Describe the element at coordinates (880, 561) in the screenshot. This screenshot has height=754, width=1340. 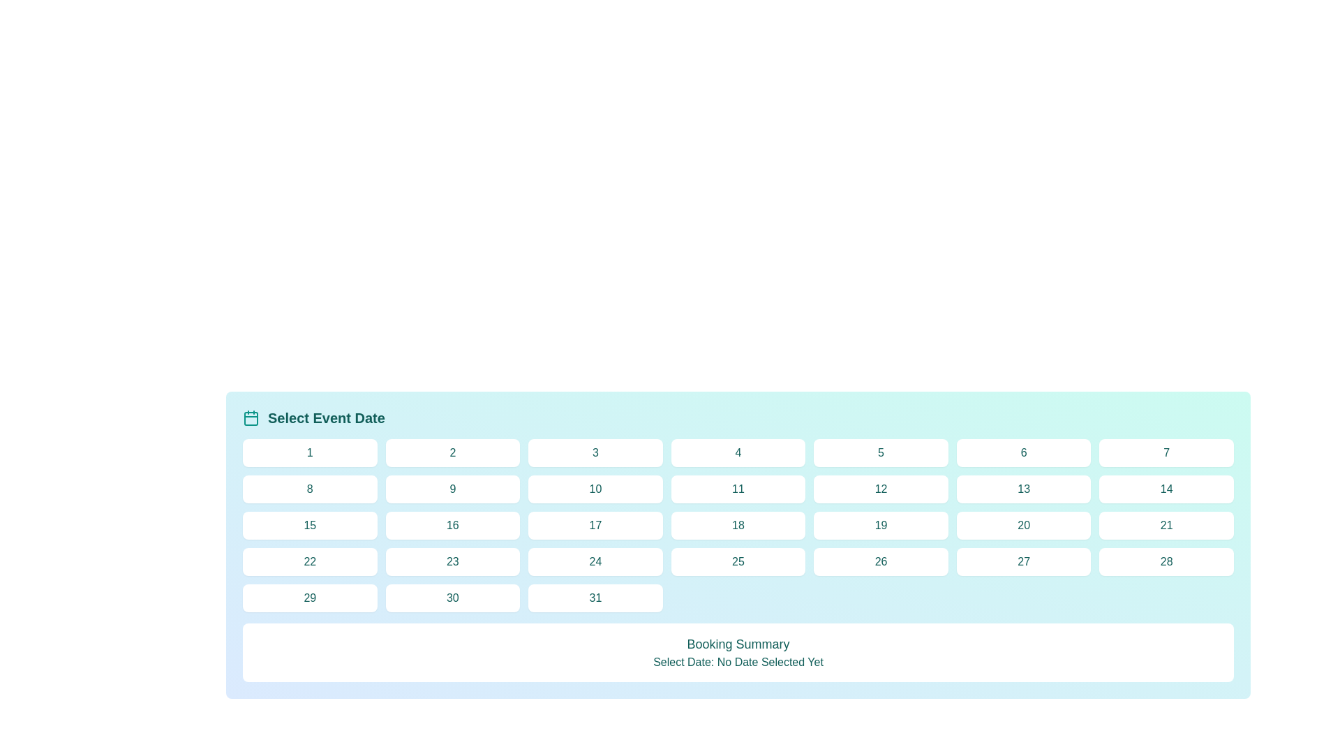
I see `the button displaying the number '26'` at that location.